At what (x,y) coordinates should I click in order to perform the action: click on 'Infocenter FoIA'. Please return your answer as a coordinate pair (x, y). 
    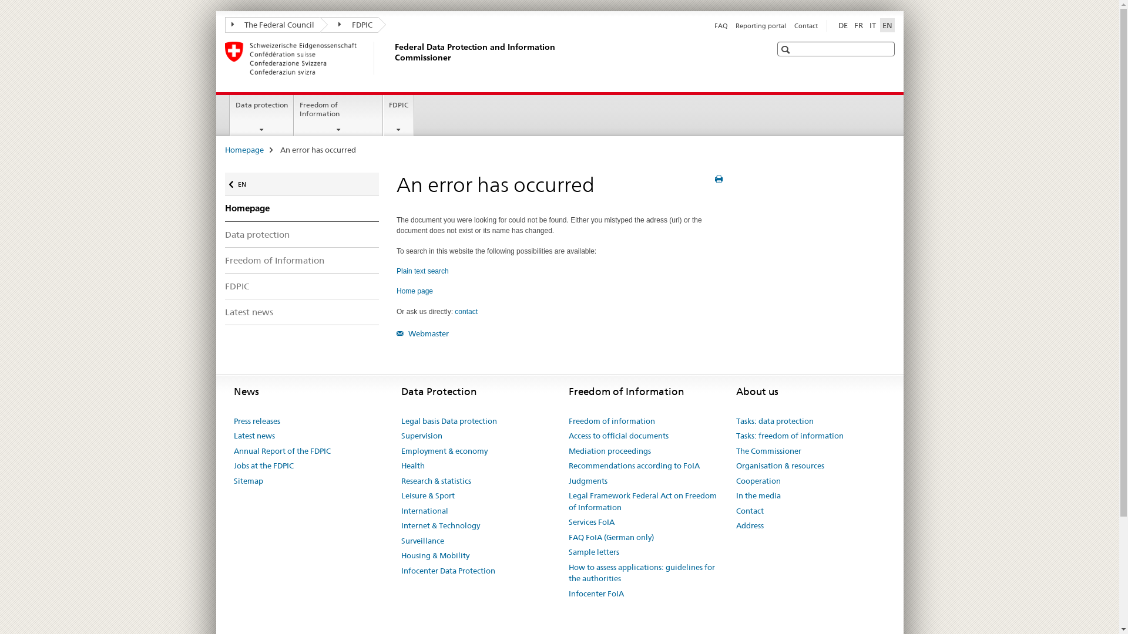
    Looking at the image, I should click on (596, 593).